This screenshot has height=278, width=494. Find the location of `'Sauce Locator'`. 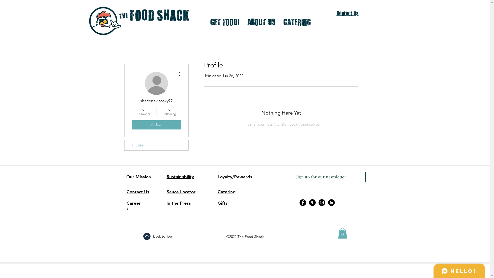

'Sauce Locator' is located at coordinates (181, 192).